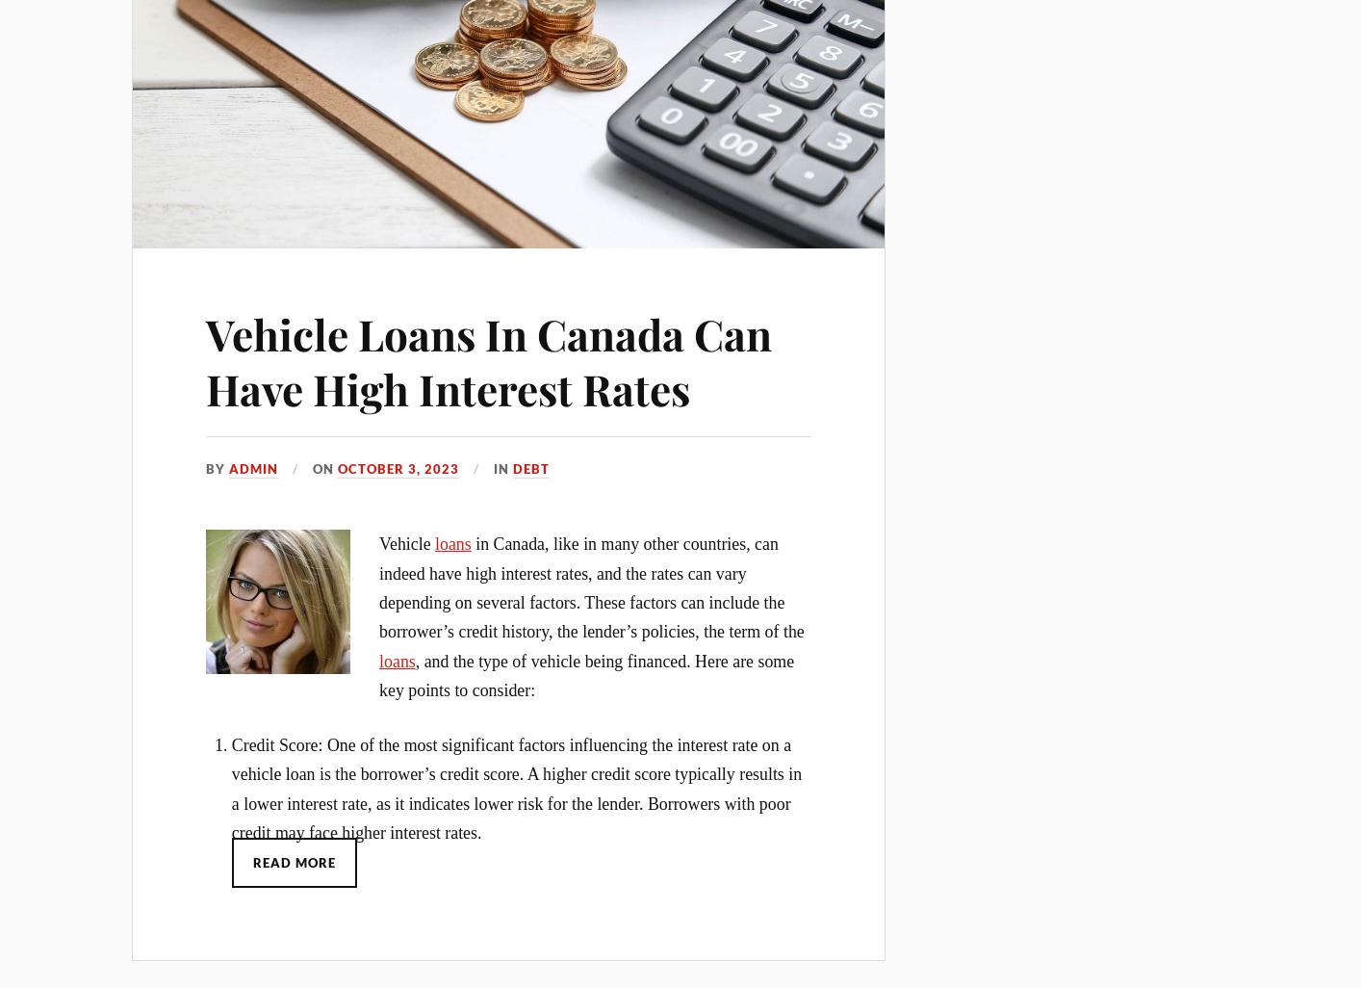 This screenshot has width=1361, height=988. I want to click on 'In', so click(502, 467).